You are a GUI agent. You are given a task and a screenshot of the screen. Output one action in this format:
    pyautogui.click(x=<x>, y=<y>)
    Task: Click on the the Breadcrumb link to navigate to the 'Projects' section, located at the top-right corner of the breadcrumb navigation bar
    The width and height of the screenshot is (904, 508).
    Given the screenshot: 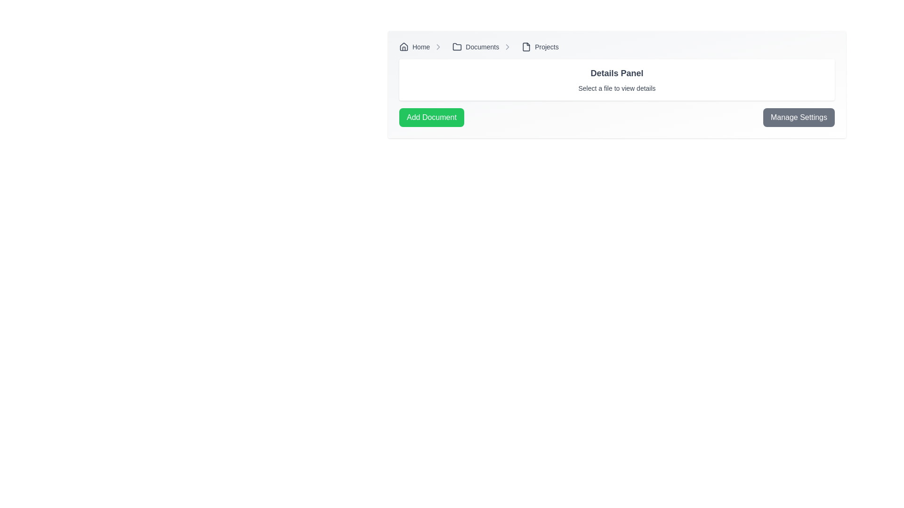 What is the action you would take?
    pyautogui.click(x=540, y=47)
    